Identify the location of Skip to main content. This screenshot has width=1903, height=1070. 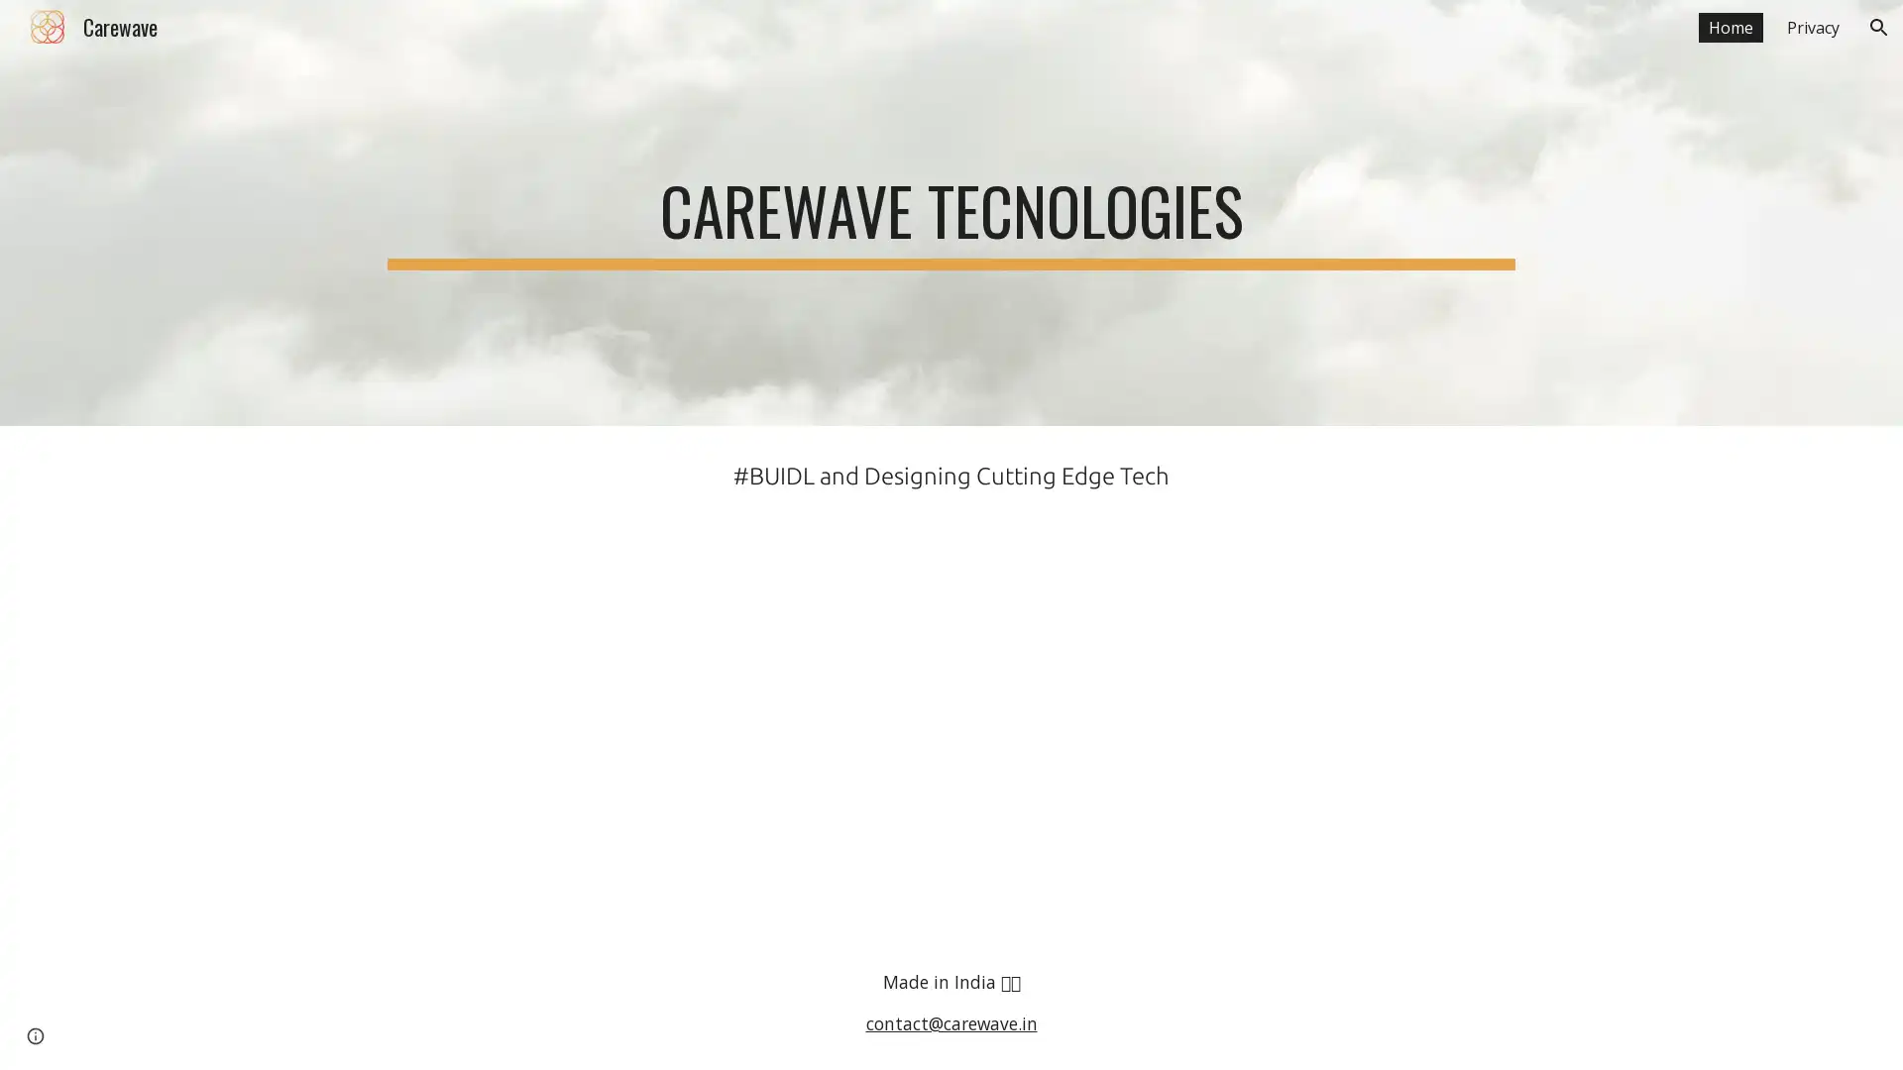
(780, 37).